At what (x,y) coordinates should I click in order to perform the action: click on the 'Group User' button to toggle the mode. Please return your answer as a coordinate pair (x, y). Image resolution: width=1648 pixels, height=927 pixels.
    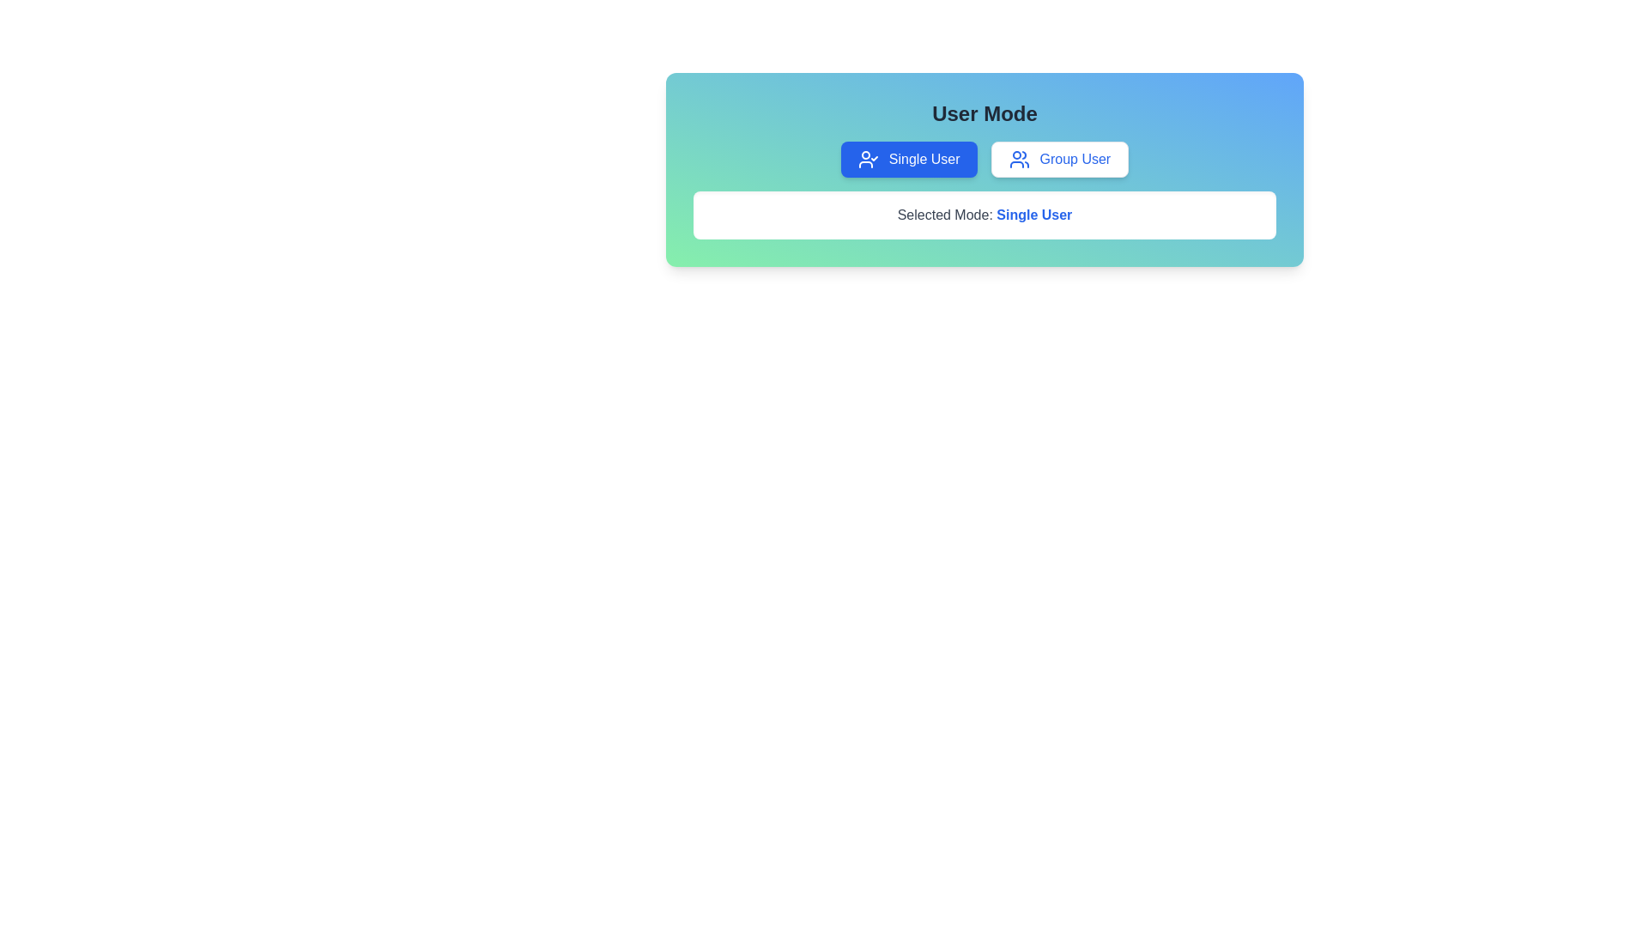
    Looking at the image, I should click on (1057, 159).